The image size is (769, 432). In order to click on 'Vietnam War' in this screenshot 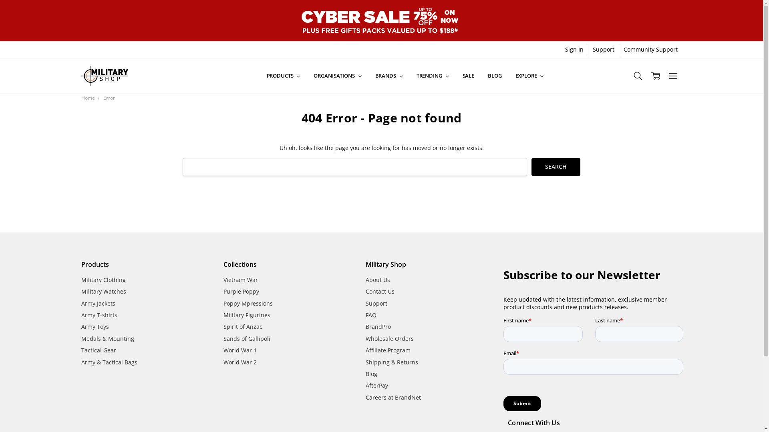, I will do `click(240, 279)`.